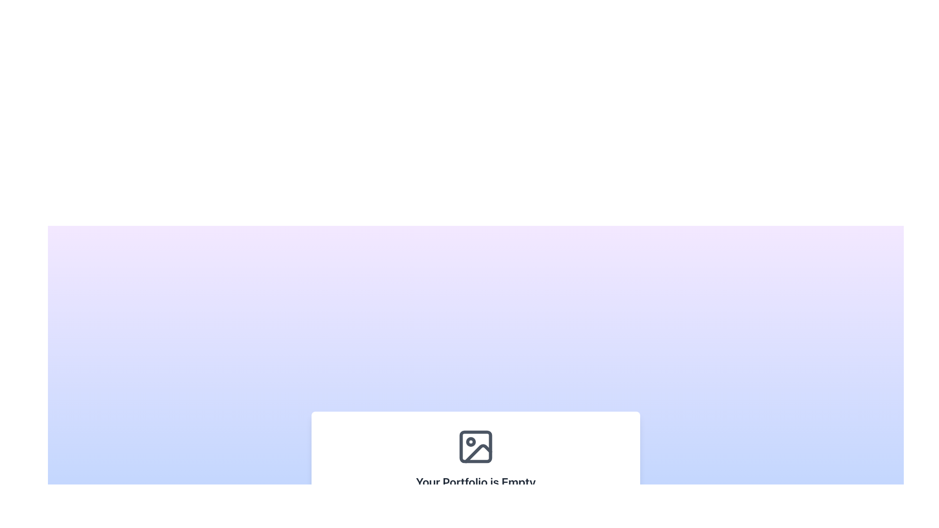 The width and height of the screenshot is (939, 528). Describe the element at coordinates (476, 447) in the screenshot. I see `the icon representing an image or artwork in the portfolio section, which is located above the text 'Your Portfolio is Empty'` at that location.